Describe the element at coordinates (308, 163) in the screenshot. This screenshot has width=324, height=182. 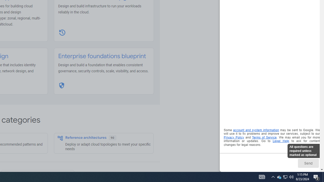
I see `'Send'` at that location.